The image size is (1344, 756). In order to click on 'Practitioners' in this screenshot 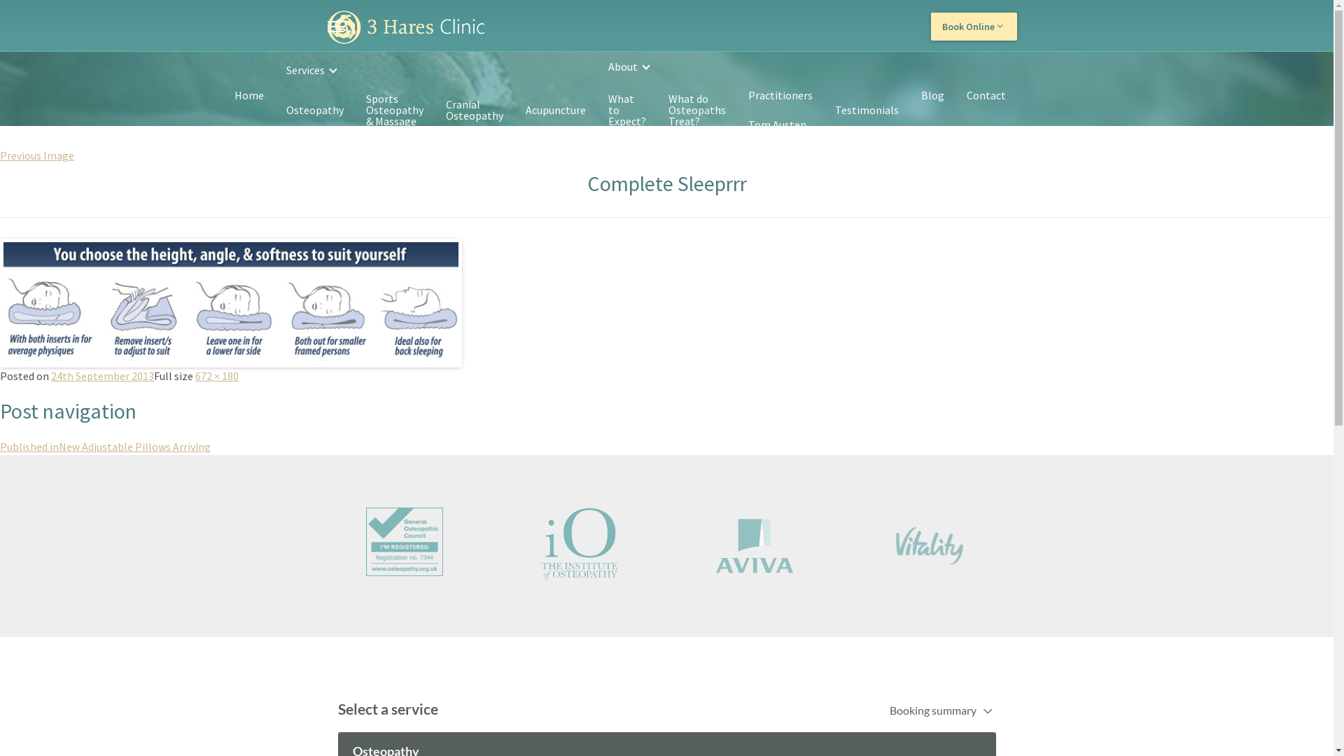, I will do `click(778, 95)`.